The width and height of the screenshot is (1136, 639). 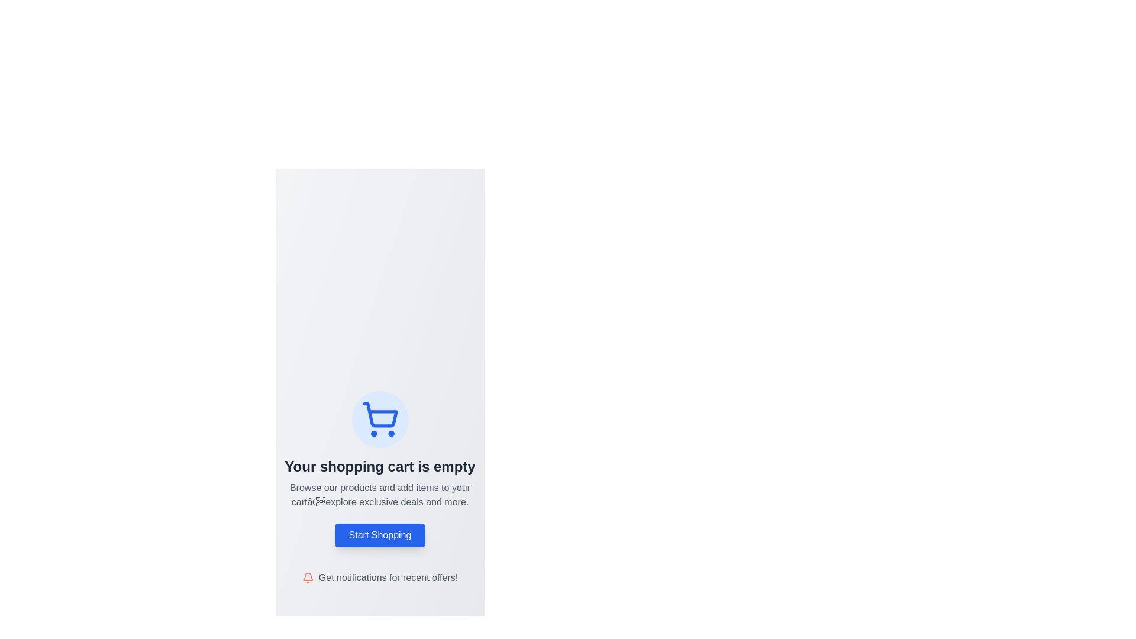 What do you see at coordinates (308, 577) in the screenshot?
I see `the small red bell icon located to the left of the text 'Get notifications for recent offers!'` at bounding box center [308, 577].